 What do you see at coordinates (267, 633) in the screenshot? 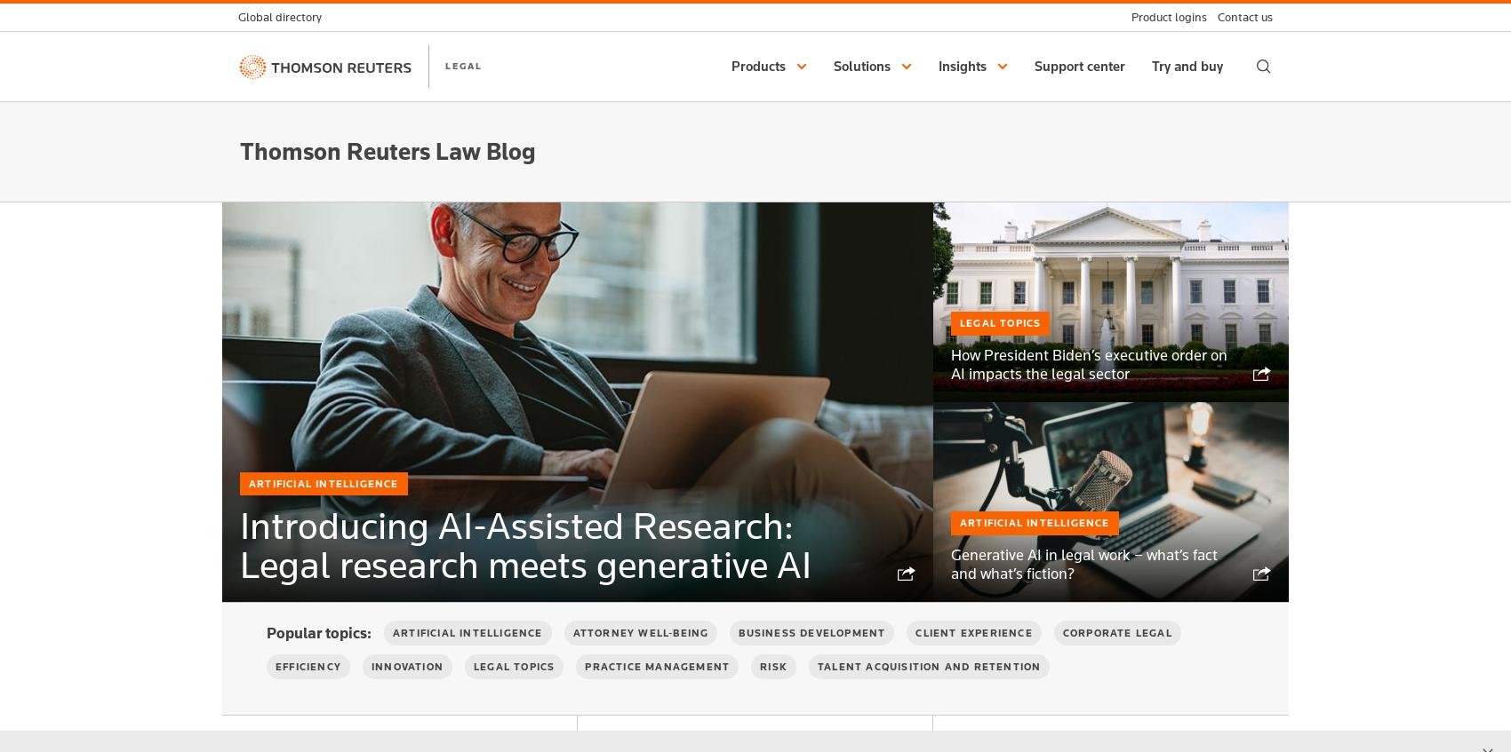
I see `'Popular topics:'` at bounding box center [267, 633].